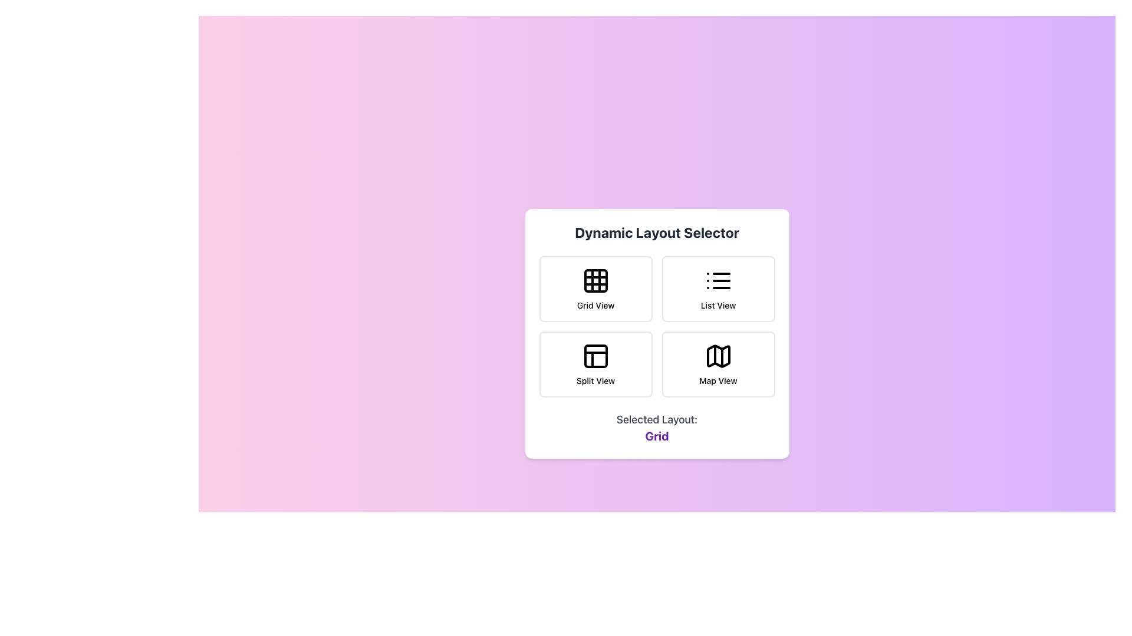  I want to click on the grid layout button located in the top-left corner of the interface, so click(595, 289).